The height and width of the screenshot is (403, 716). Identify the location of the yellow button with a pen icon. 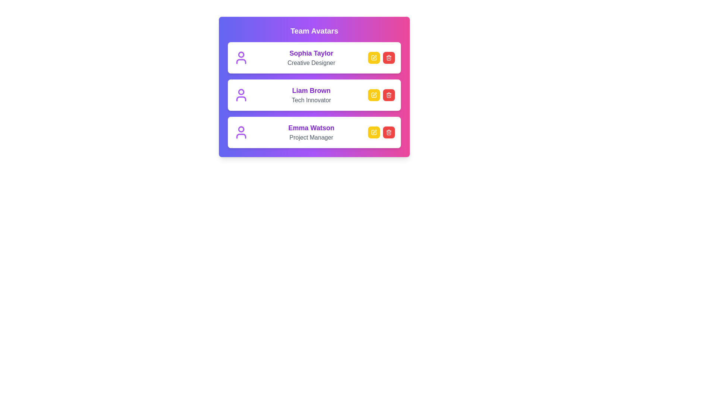
(374, 94).